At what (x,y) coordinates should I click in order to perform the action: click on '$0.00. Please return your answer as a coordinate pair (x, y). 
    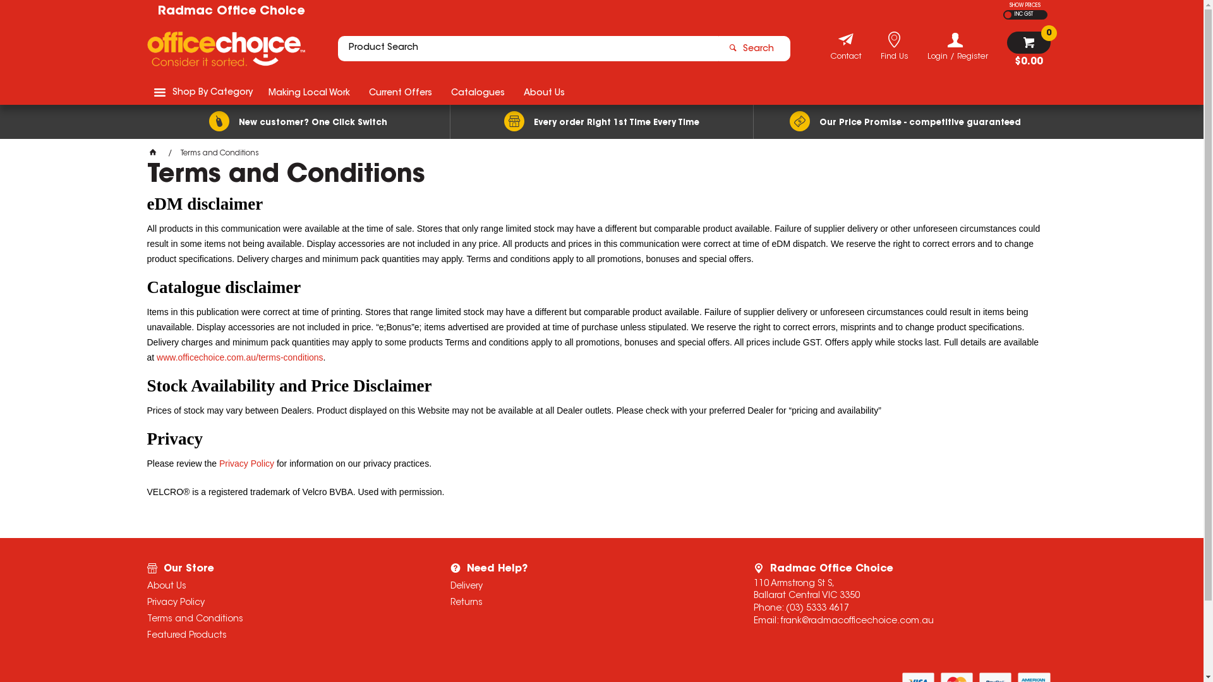
    Looking at the image, I should click on (1029, 49).